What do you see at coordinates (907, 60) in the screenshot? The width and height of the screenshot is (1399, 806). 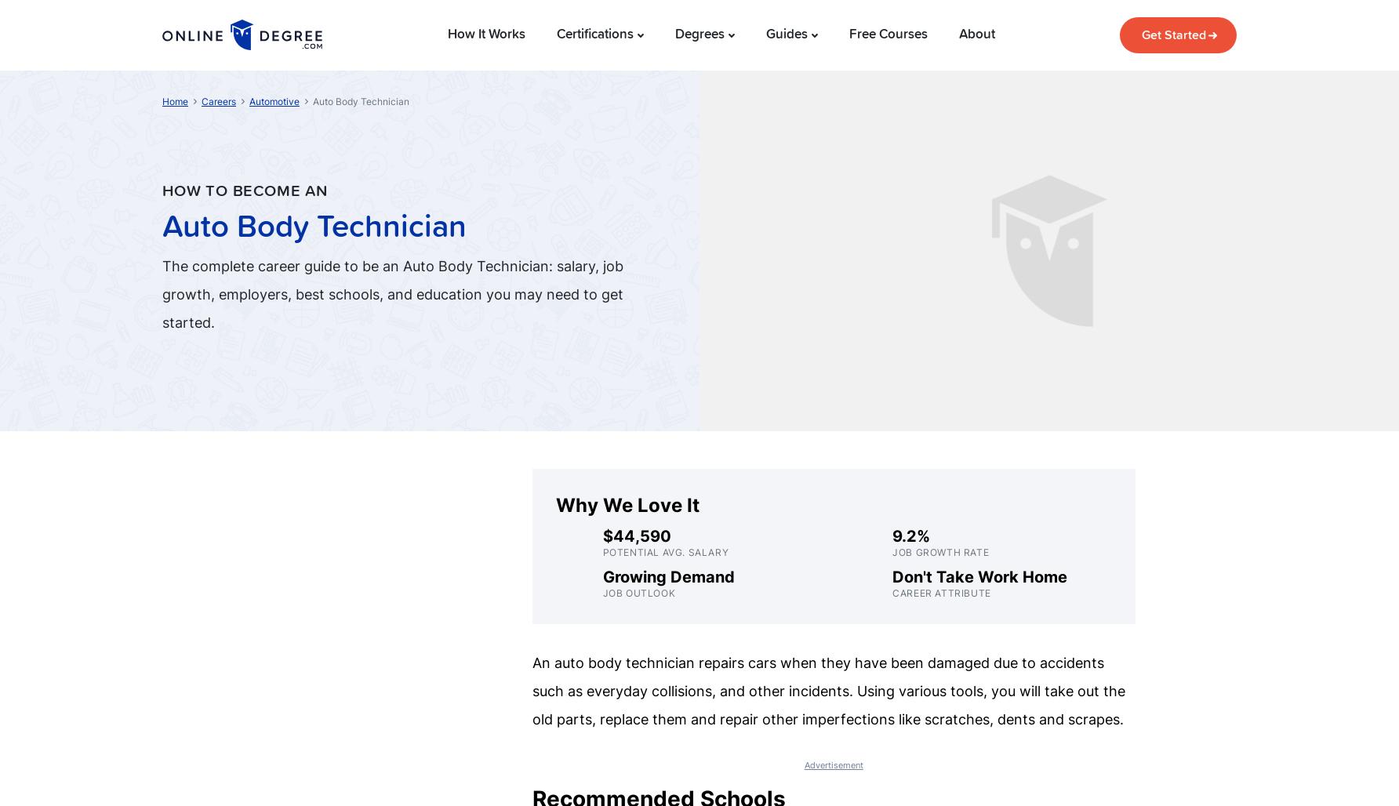 I see `'10,200'` at bounding box center [907, 60].